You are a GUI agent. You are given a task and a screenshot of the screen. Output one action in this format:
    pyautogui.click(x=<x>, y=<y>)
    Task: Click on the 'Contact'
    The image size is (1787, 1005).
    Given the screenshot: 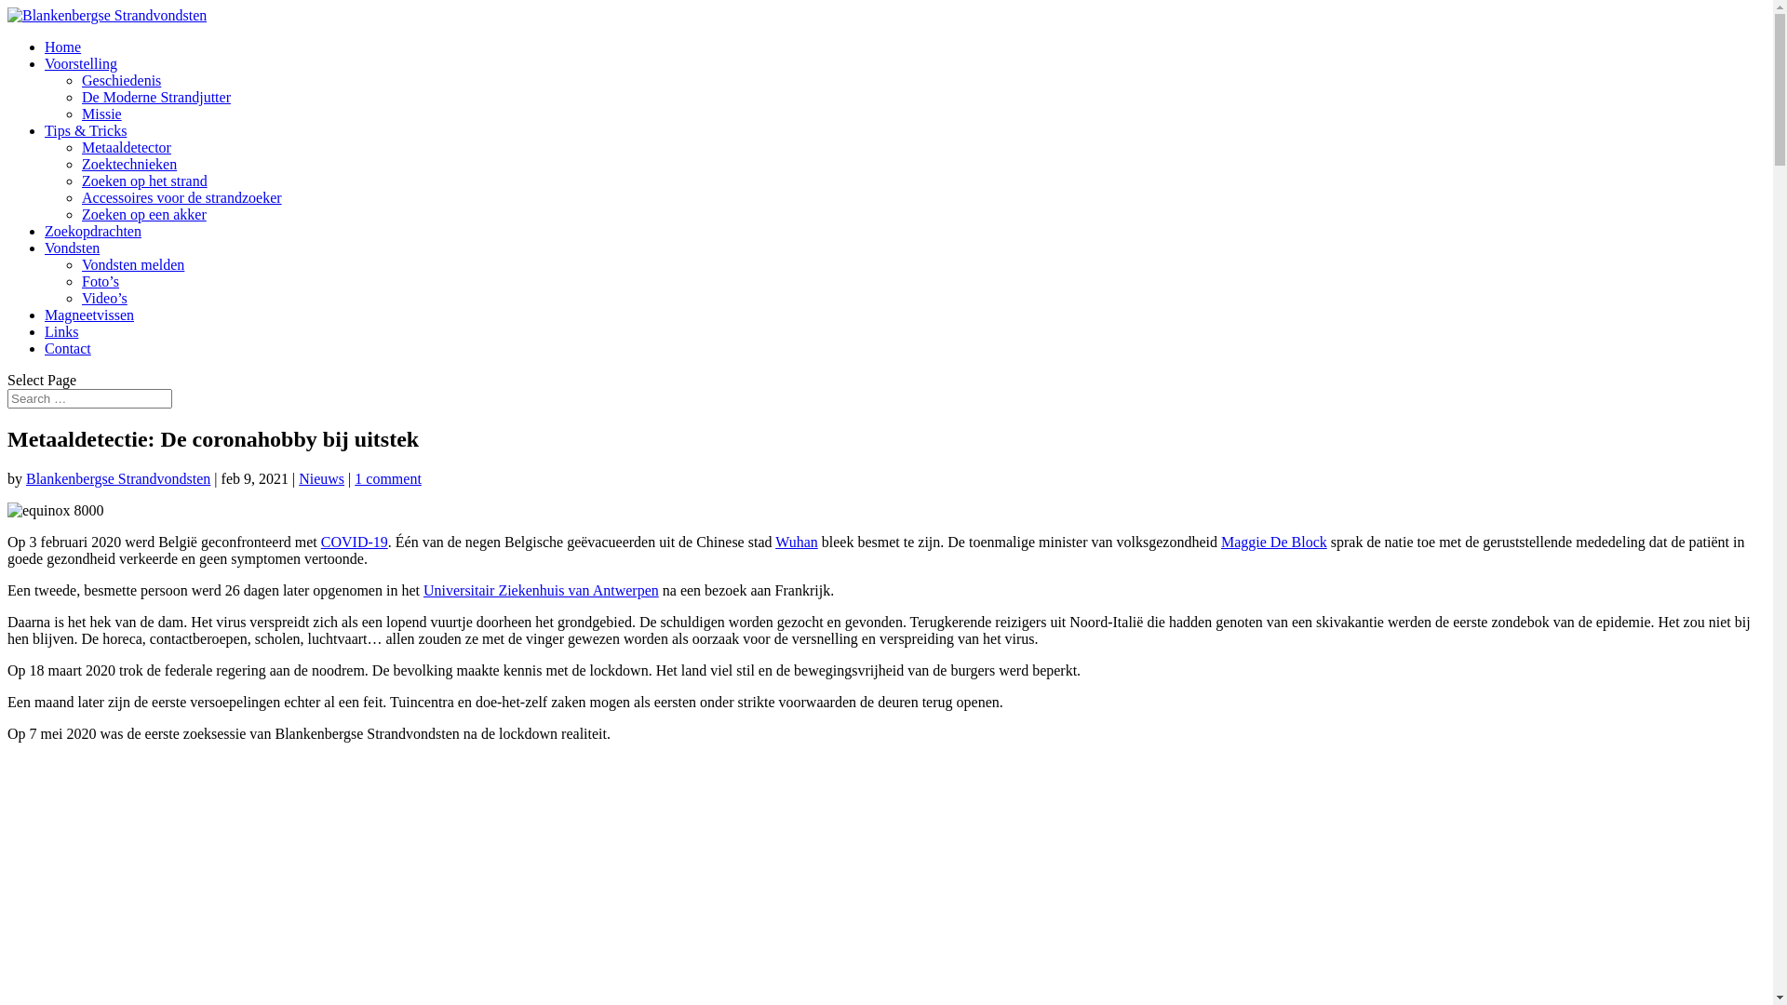 What is the action you would take?
    pyautogui.click(x=45, y=348)
    